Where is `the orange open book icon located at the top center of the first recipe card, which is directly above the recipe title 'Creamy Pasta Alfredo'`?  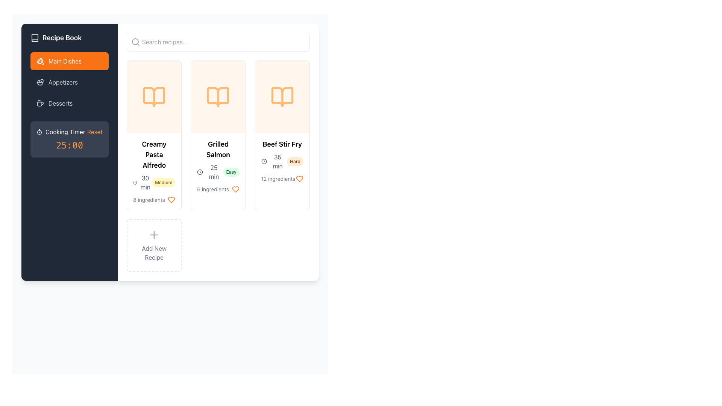 the orange open book icon located at the top center of the first recipe card, which is directly above the recipe title 'Creamy Pasta Alfredo' is located at coordinates (154, 97).